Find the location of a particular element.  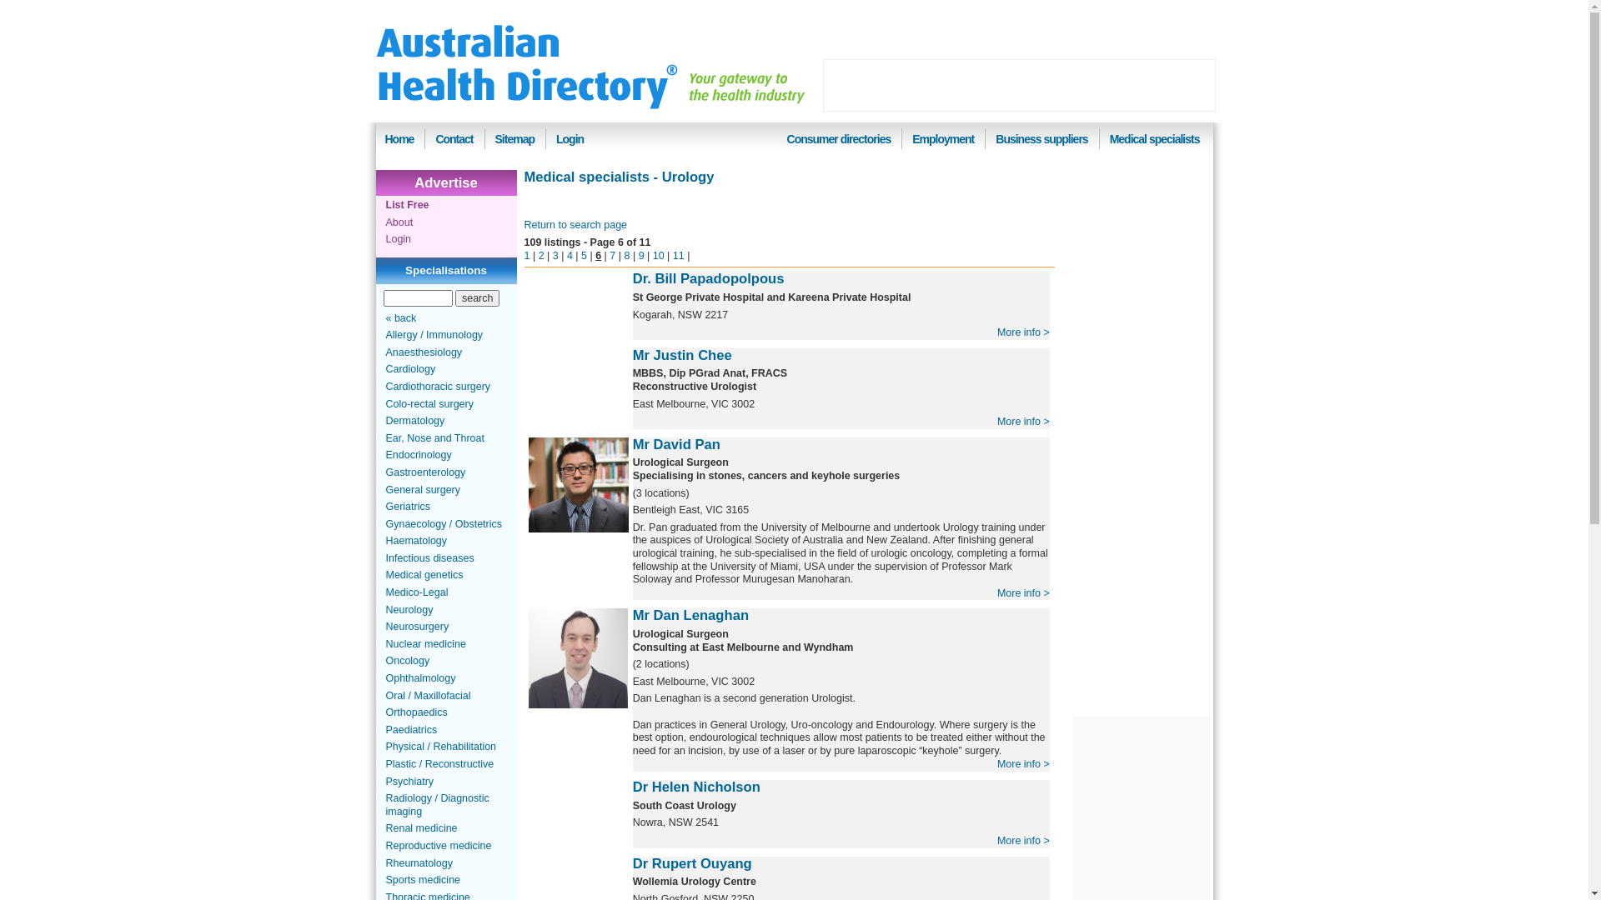

'Mr David Pan' is located at coordinates (676, 443).